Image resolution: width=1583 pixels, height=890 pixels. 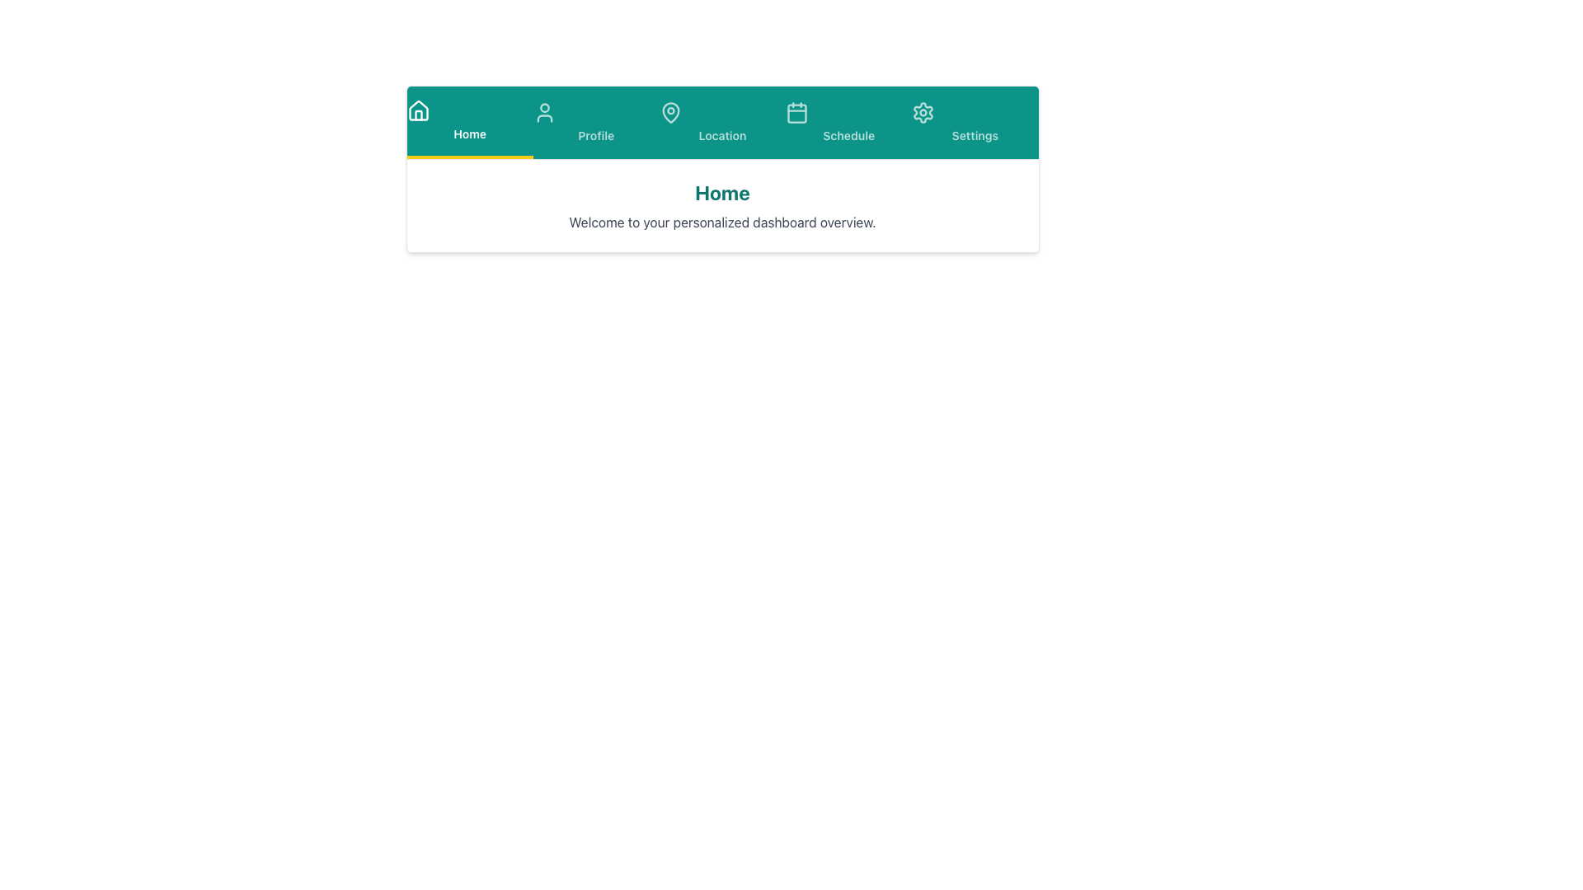 I want to click on the navigational button in the third position of the horizontal navigation bar, so click(x=722, y=122).